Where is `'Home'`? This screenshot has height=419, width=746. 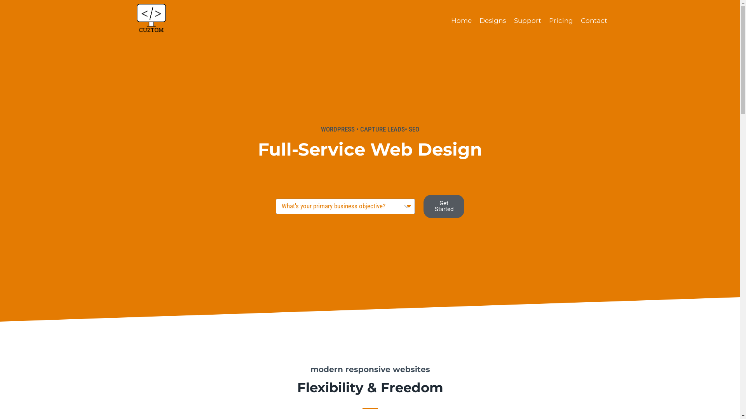
'Home' is located at coordinates (461, 21).